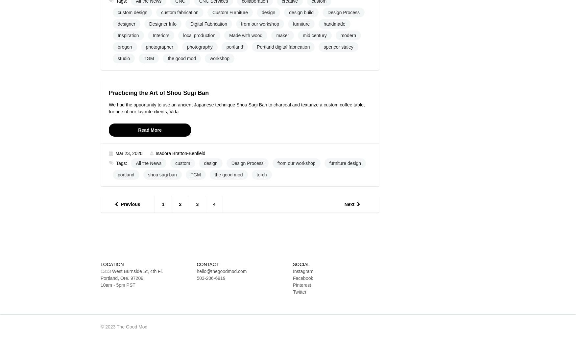 The height and width of the screenshot is (338, 576). What do you see at coordinates (199, 35) in the screenshot?
I see `'local production'` at bounding box center [199, 35].